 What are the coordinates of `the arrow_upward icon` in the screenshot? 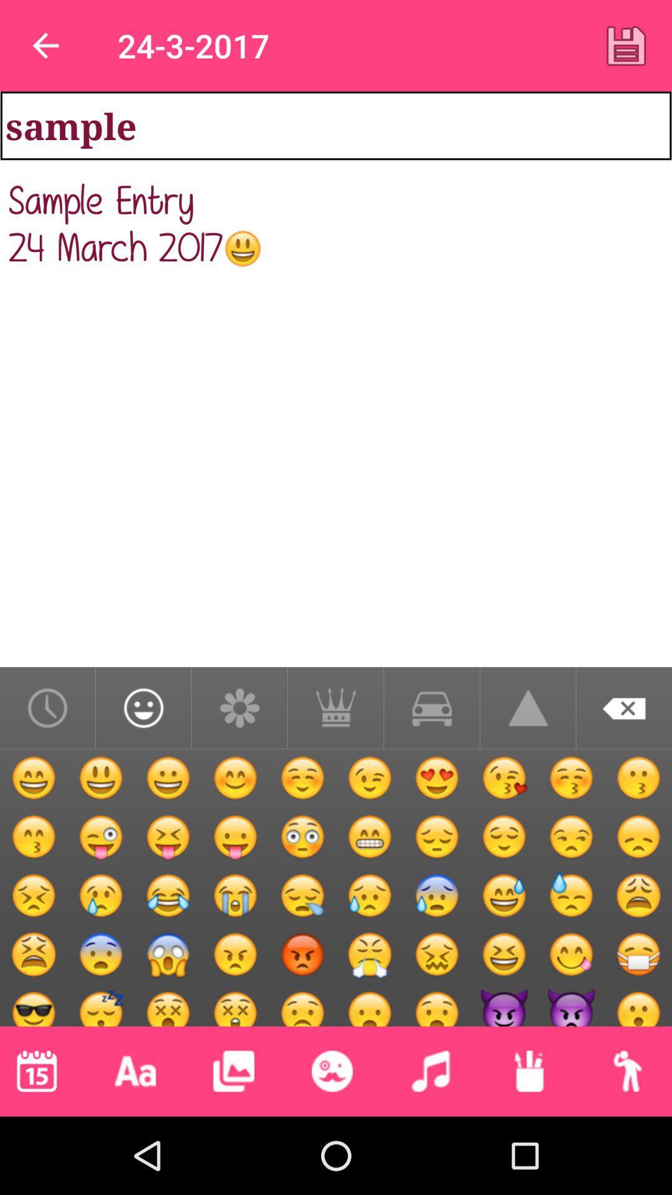 It's located at (528, 708).